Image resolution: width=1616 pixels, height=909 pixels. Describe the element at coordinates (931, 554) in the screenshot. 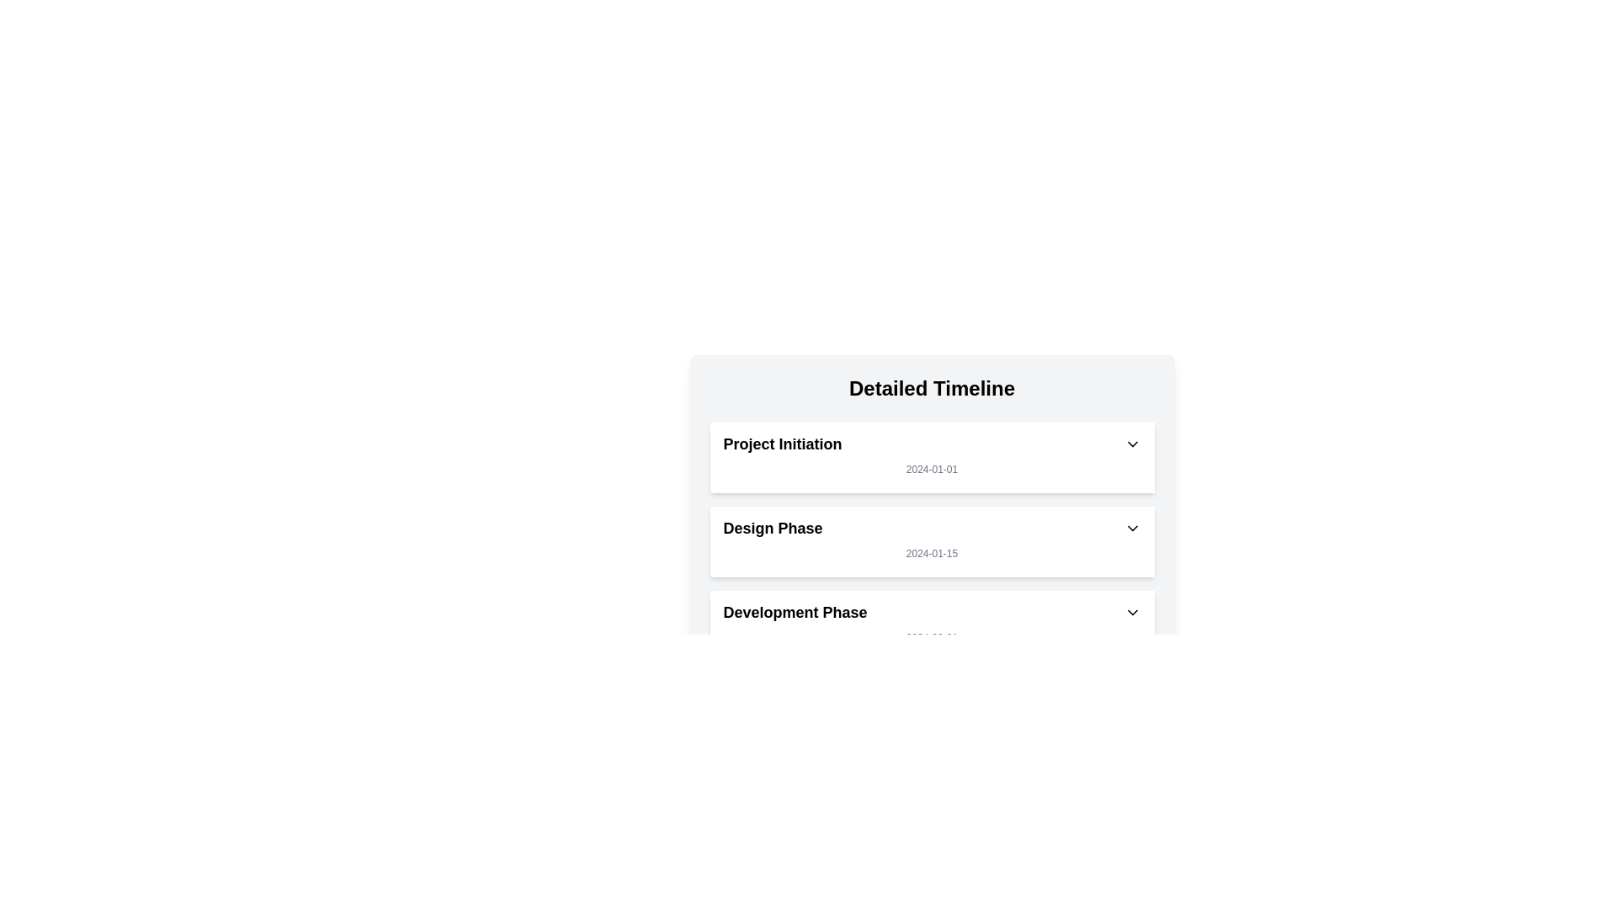

I see `the text label displaying the date '2024-01-15' styled in a small gray font, located below the 'Design Phase' title` at that location.